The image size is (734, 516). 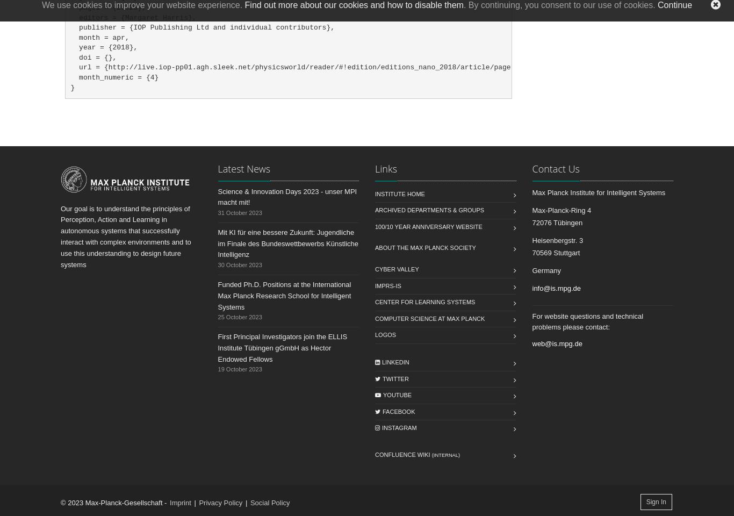 What do you see at coordinates (288, 243) in the screenshot?
I see `'Mit KI für eine bessere Zukunft: Jugendliche im Finale des Bundeswettbewerbs Künstliche Intelligenz'` at bounding box center [288, 243].